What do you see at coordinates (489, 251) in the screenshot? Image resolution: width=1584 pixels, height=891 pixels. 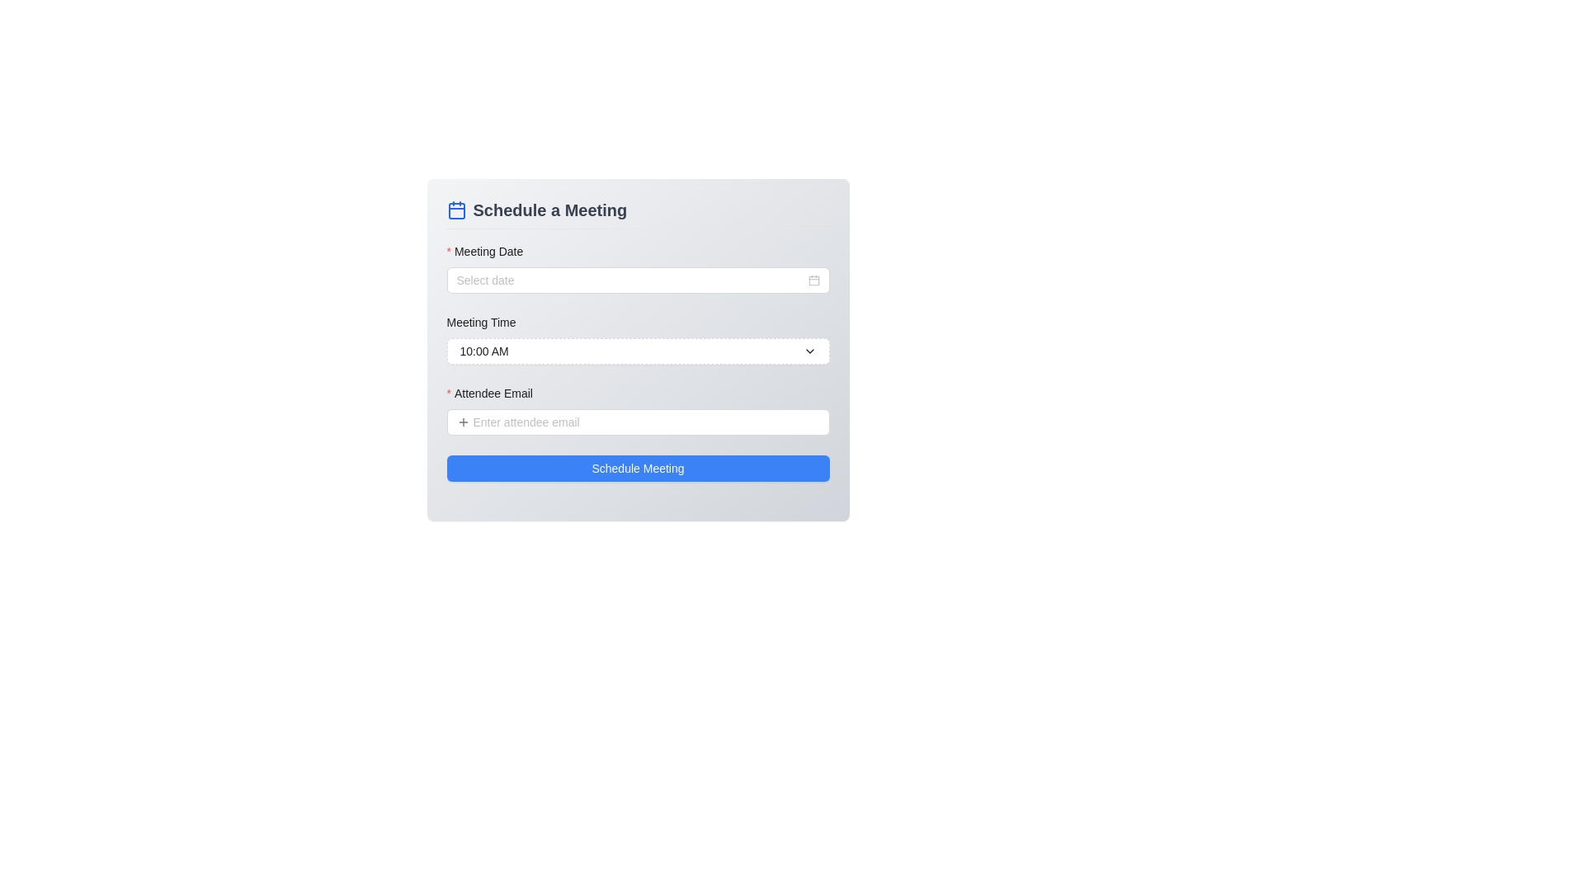 I see `text content of the 'Meeting Date' label, which is styled with a bold font and has a red asterisk indicating a mandatory field` at bounding box center [489, 251].